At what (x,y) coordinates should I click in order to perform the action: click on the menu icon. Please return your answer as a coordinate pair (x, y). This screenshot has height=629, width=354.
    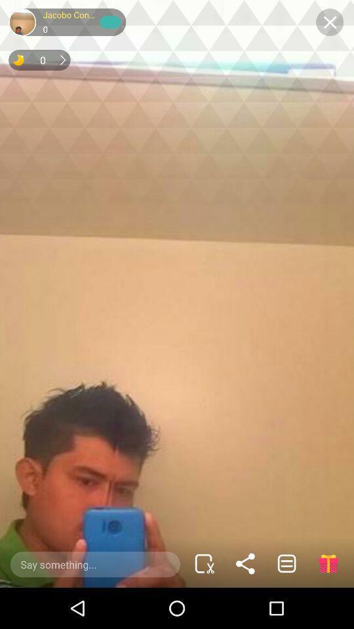
    Looking at the image, I should click on (286, 563).